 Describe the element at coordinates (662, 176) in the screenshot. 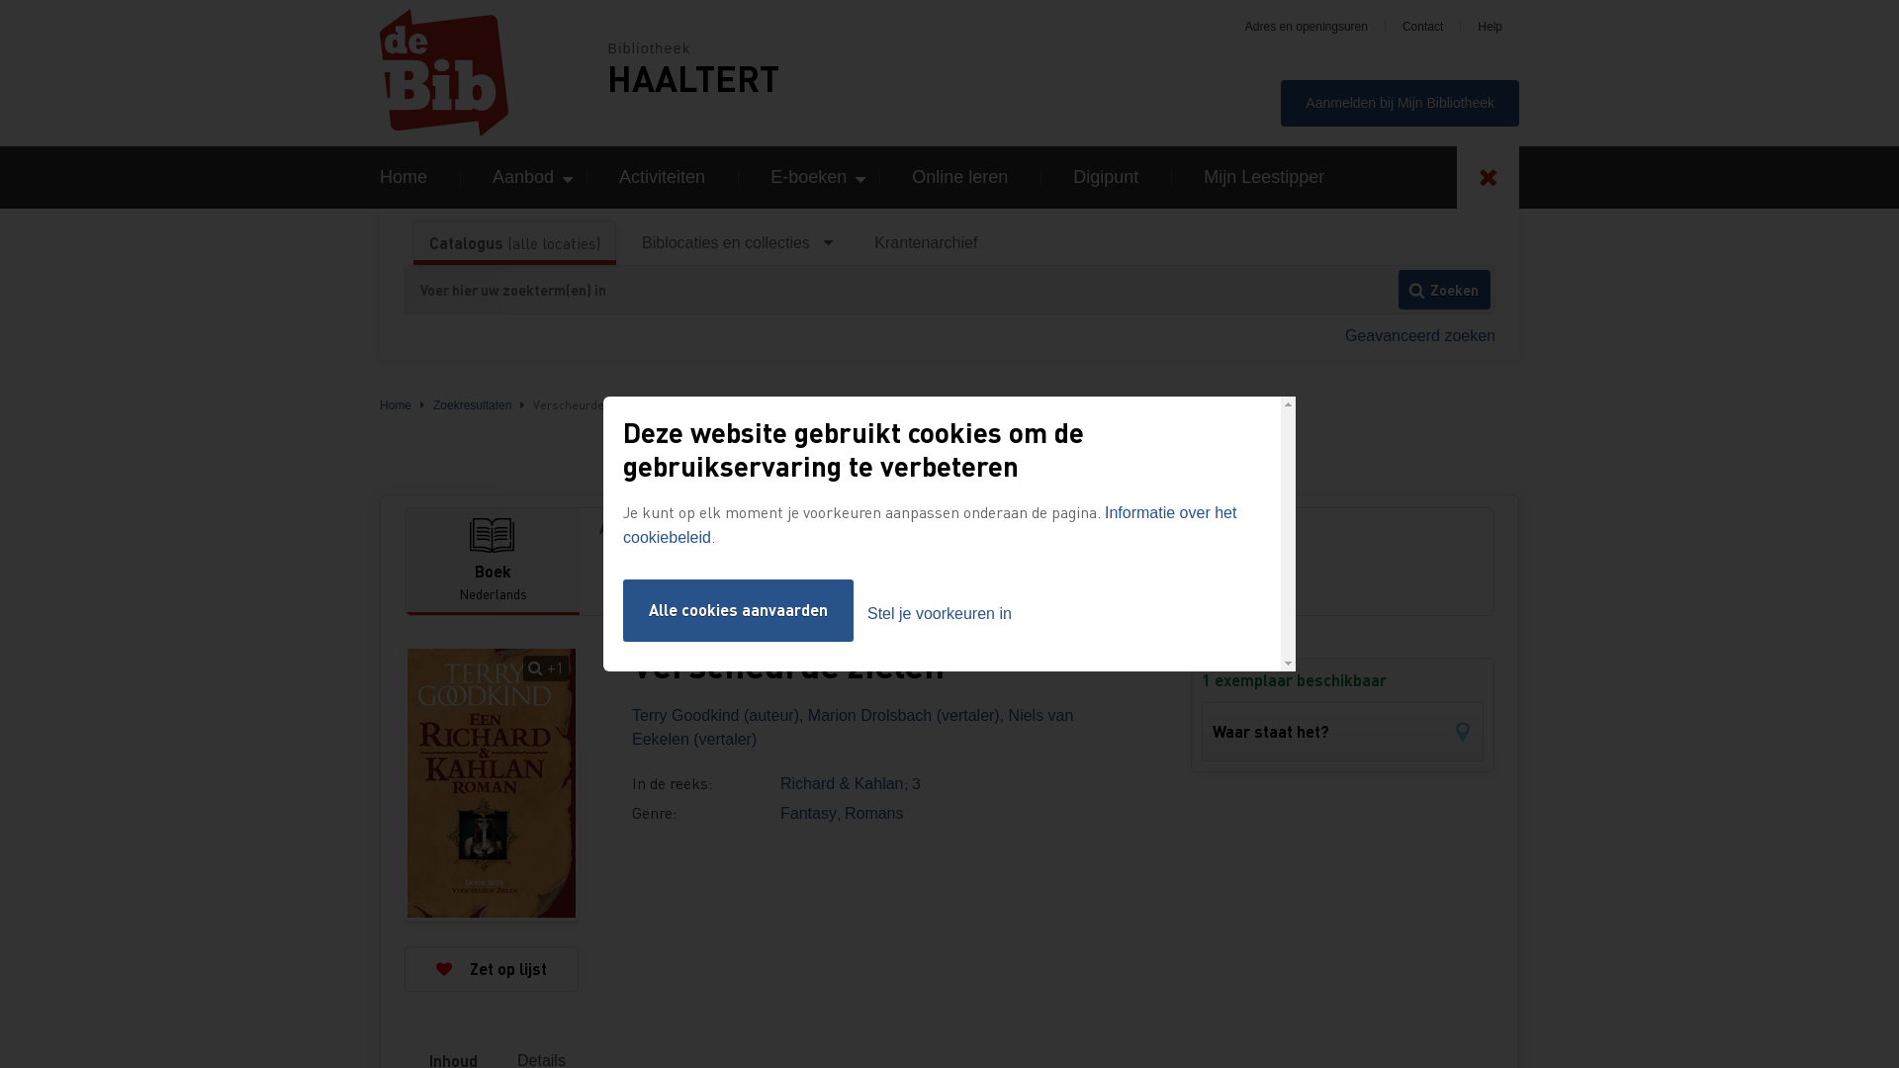

I see `'Activiteiten'` at that location.